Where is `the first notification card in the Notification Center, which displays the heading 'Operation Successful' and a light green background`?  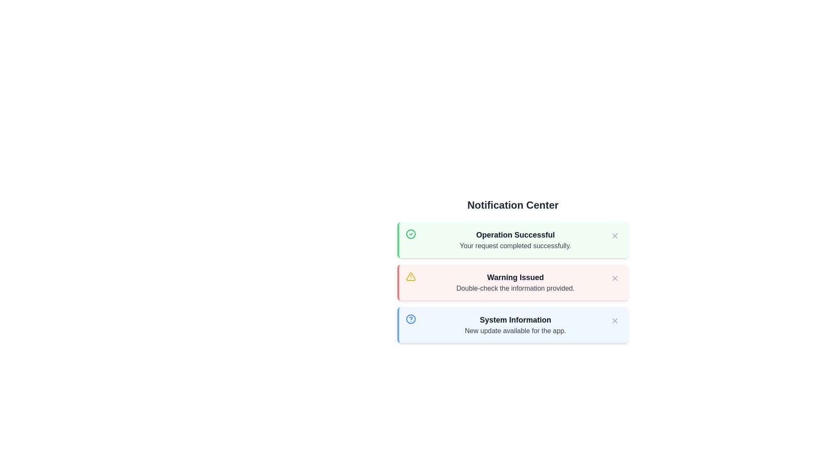 the first notification card in the Notification Center, which displays the heading 'Operation Successful' and a light green background is located at coordinates (512, 240).